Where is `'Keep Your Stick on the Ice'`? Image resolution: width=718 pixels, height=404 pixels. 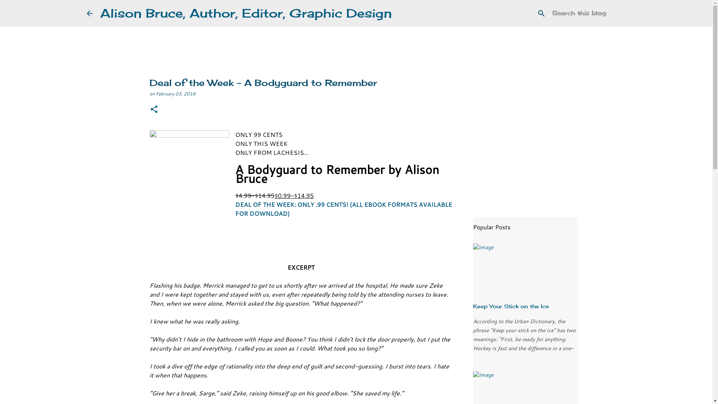 'Keep Your Stick on the Ice' is located at coordinates (510, 306).